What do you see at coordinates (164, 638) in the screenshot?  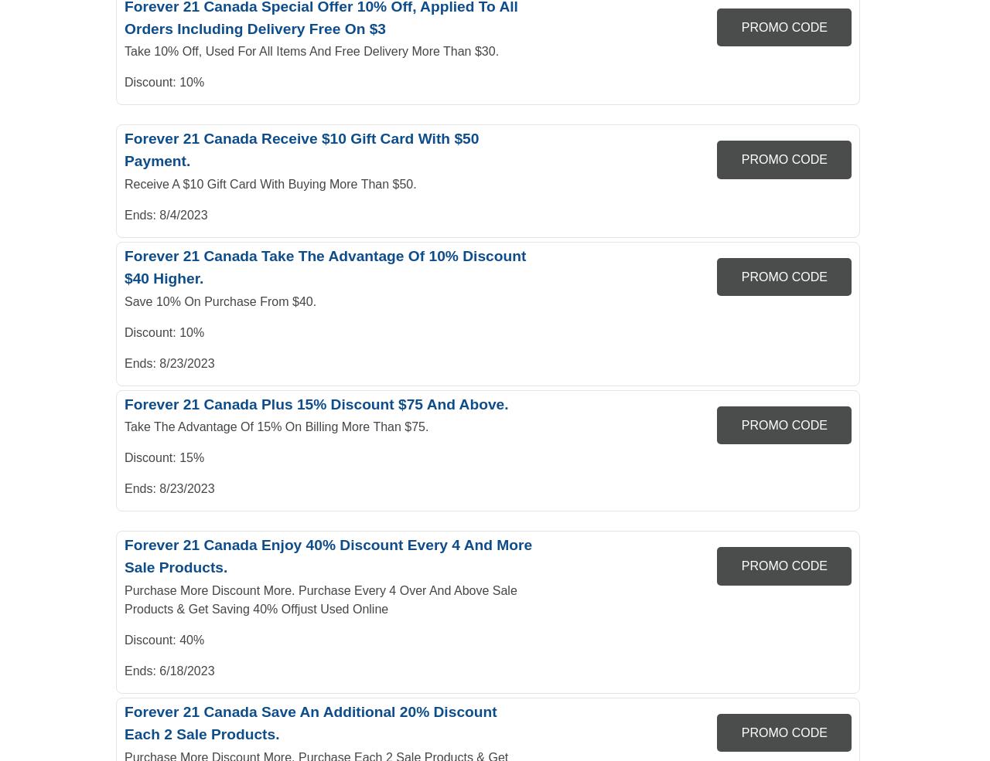 I see `'Discount: 40%'` at bounding box center [164, 638].